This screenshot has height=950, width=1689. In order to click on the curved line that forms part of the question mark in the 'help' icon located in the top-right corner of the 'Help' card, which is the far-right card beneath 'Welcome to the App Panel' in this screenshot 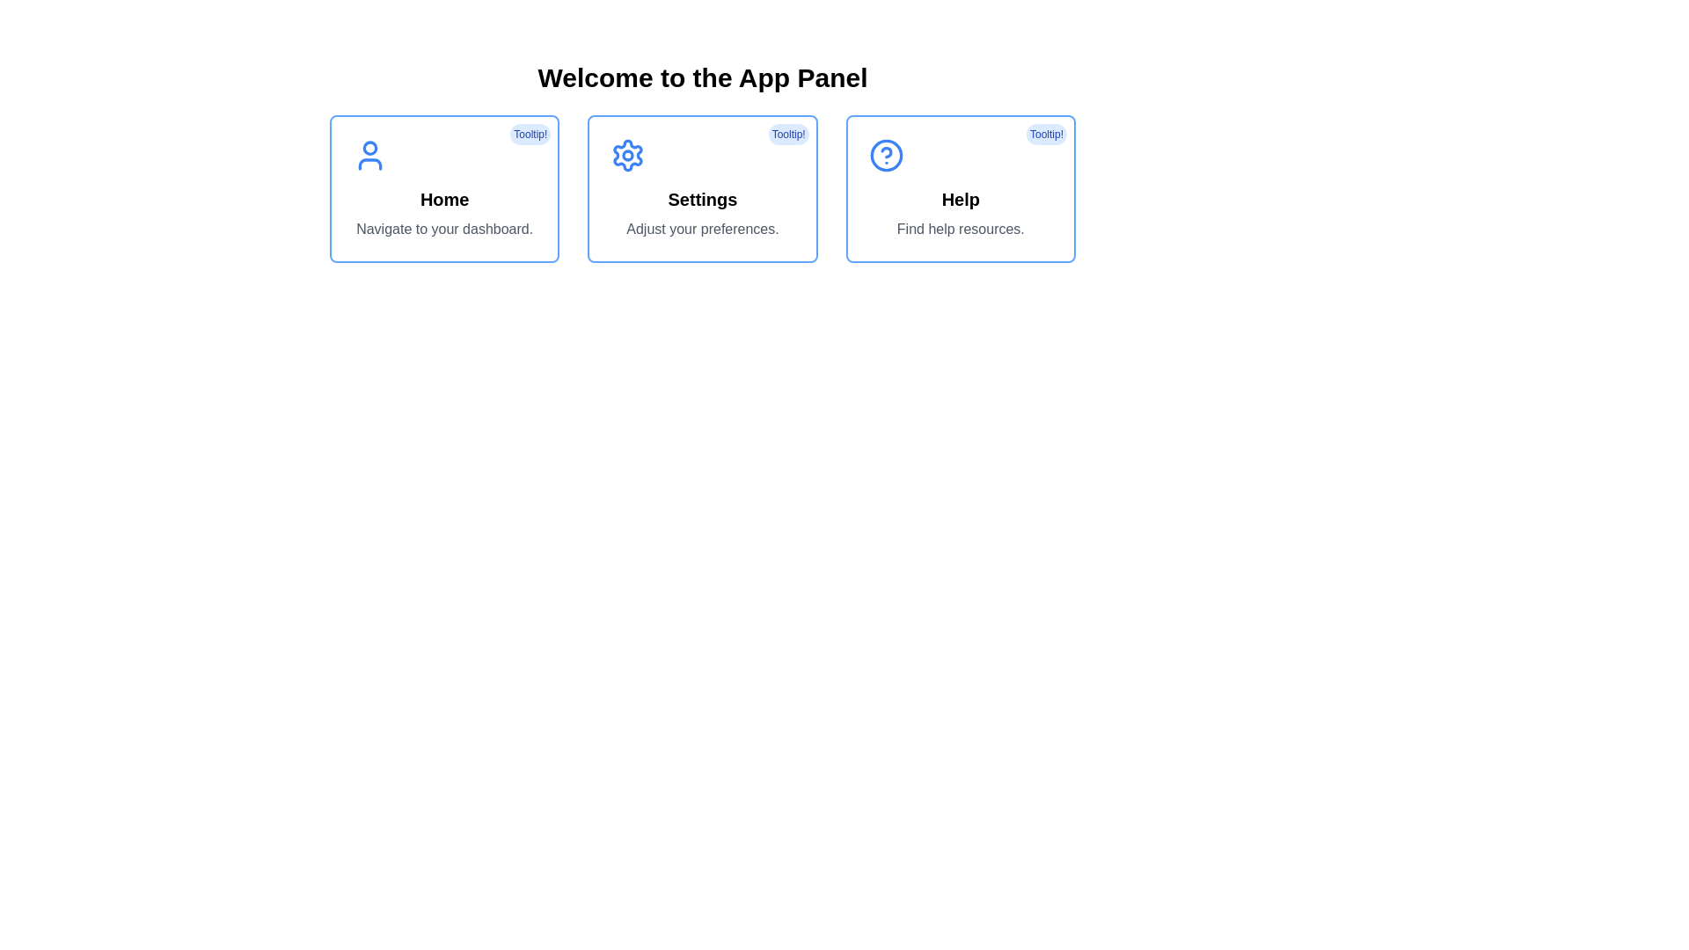, I will do `click(886, 151)`.